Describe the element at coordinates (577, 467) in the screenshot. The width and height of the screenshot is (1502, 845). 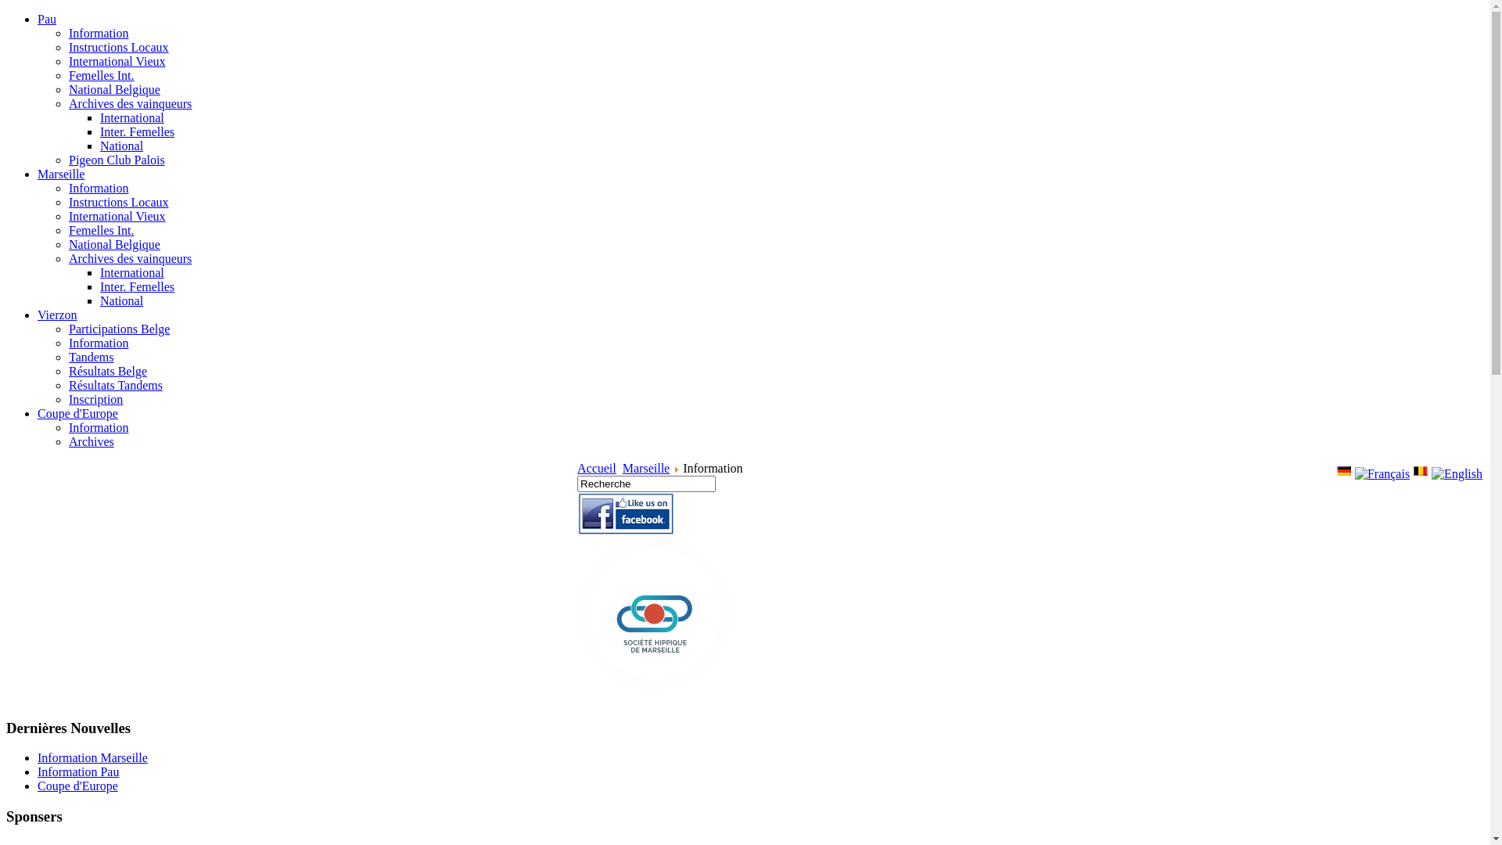
I see `'Accueil'` at that location.